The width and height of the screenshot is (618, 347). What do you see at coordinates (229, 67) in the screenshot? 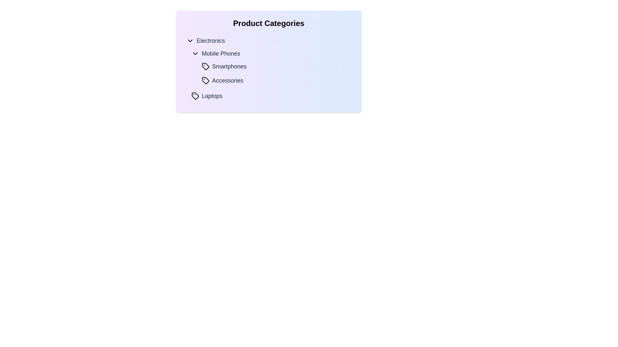
I see `the text label 'Smartphones'` at bounding box center [229, 67].